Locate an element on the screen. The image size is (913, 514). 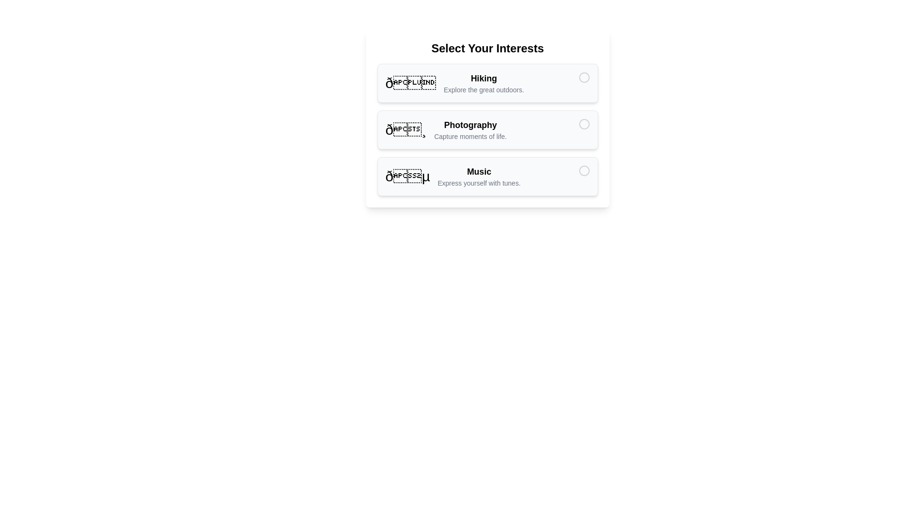
the item labeled Hiking is located at coordinates (487, 82).